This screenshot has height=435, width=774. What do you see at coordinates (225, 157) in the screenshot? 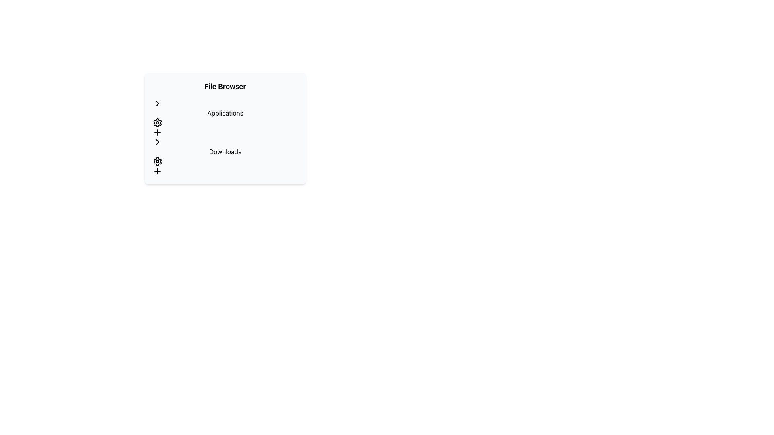
I see `the Text Label representing the 'Downloads' section located within the 'File Browser' panel, positioned below the 'Applications' label` at bounding box center [225, 157].